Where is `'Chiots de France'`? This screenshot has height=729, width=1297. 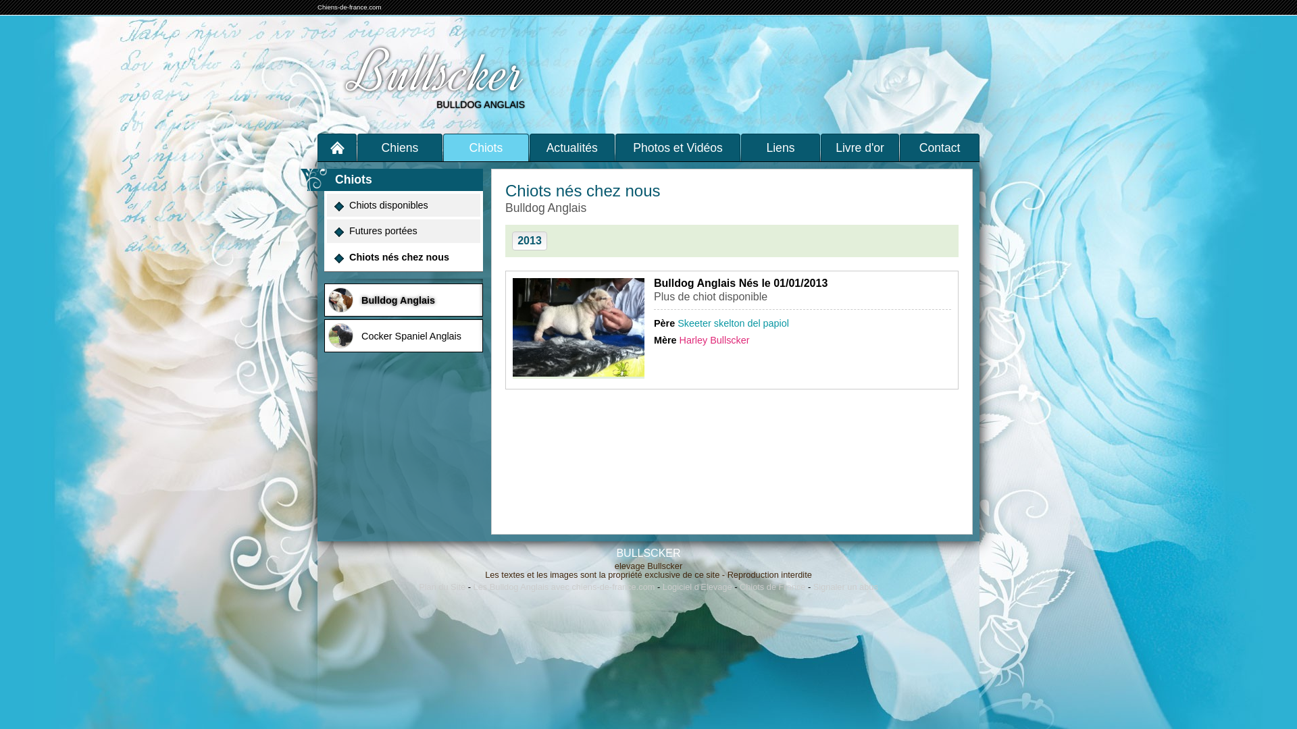 'Chiots de France' is located at coordinates (738, 586).